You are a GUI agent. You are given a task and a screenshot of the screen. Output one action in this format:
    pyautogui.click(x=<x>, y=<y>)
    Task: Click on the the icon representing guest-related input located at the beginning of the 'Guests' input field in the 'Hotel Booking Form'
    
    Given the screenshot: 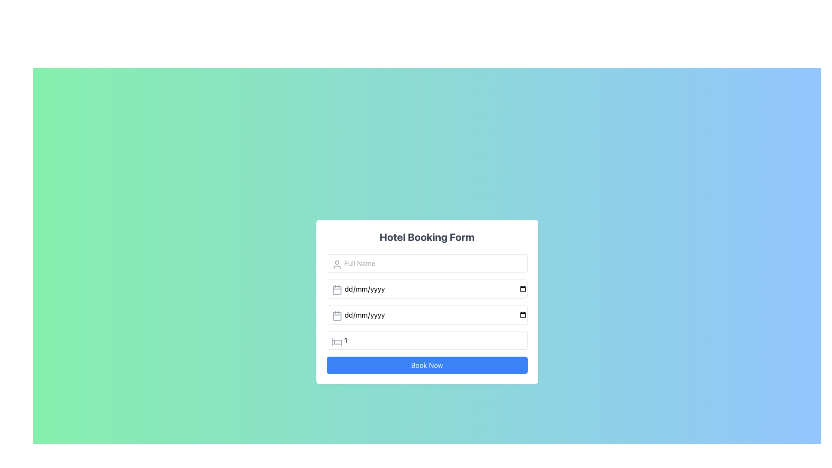 What is the action you would take?
    pyautogui.click(x=336, y=341)
    